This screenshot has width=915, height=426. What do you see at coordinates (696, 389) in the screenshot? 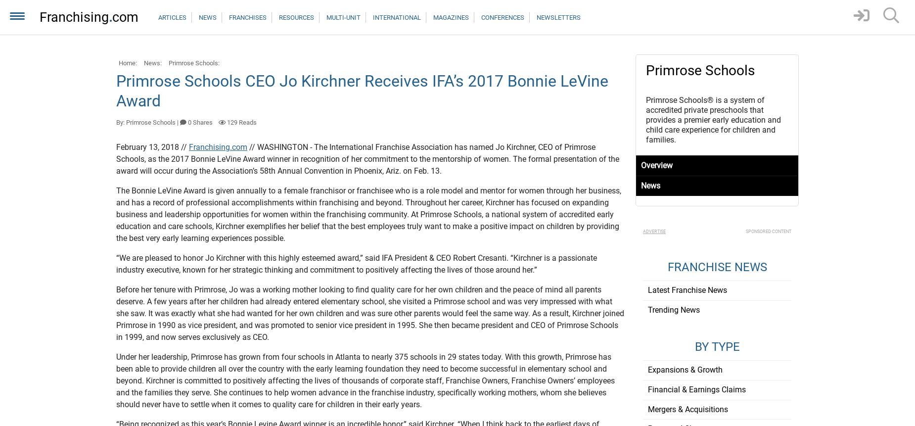
I see `'Financial & Earnings Claims'` at bounding box center [696, 389].